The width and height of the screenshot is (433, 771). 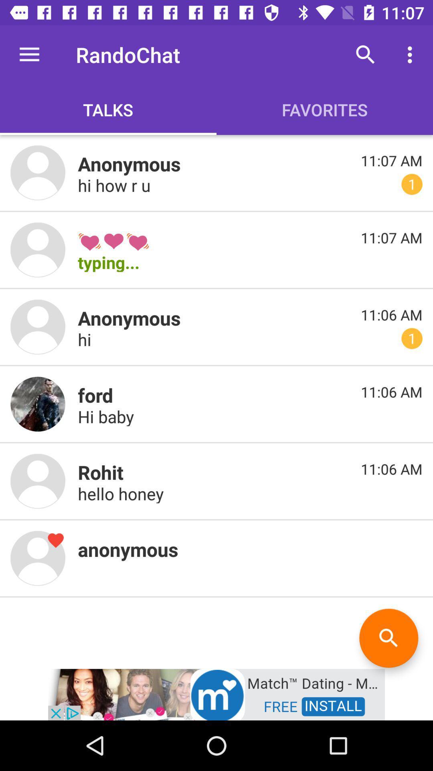 What do you see at coordinates (38, 404) in the screenshot?
I see `open message` at bounding box center [38, 404].